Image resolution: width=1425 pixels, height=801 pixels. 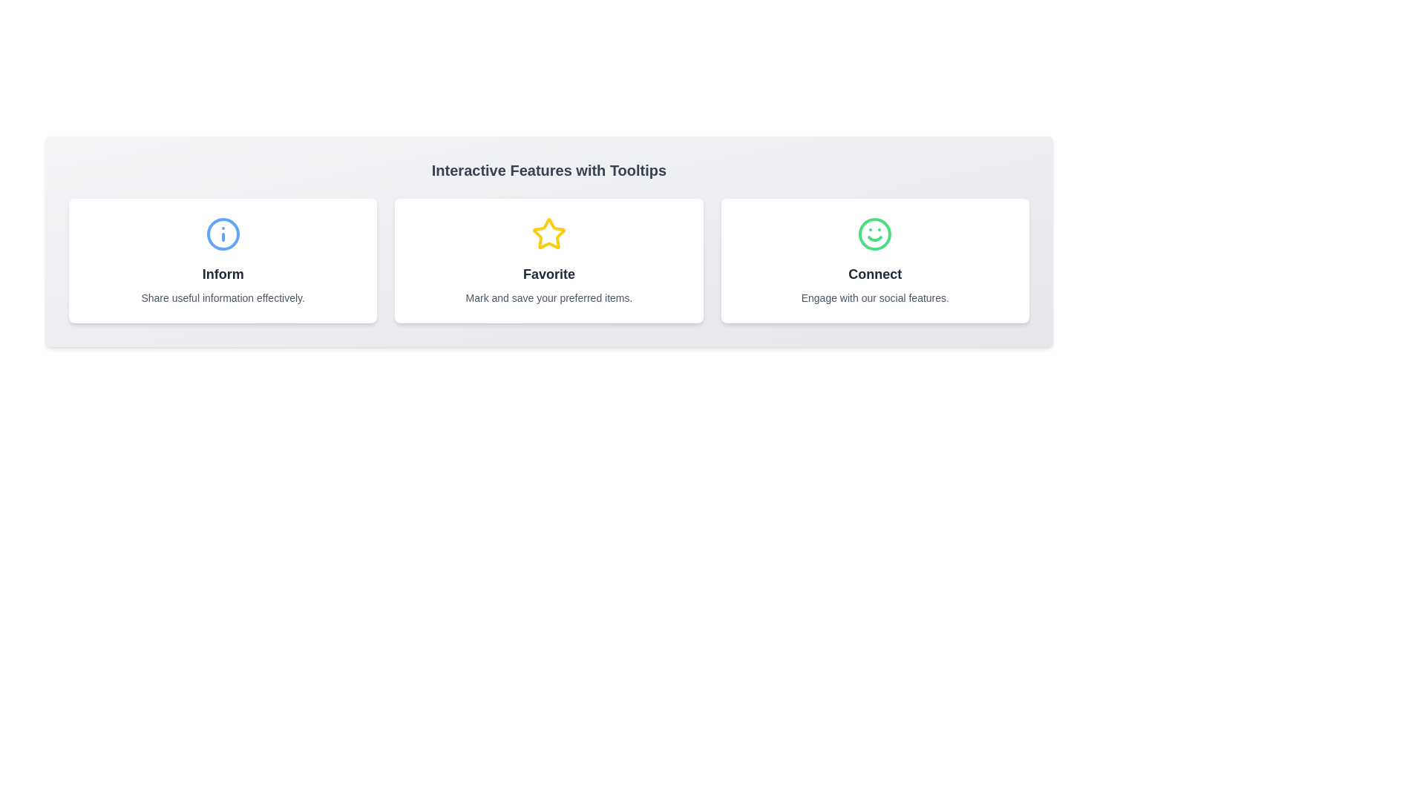 I want to click on the 'Inform' text label element, which is a bold, dark gray label centered below a blue circular information icon in the first card of horizontally aligned cards, so click(x=222, y=274).